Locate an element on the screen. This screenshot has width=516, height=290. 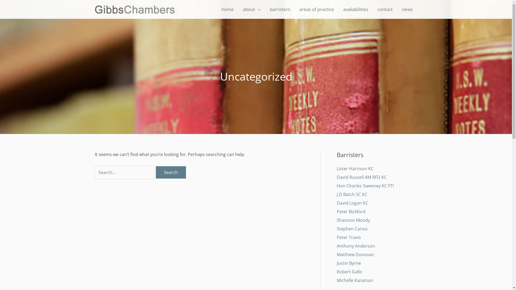
'Matthew Donovan' is located at coordinates (355, 254).